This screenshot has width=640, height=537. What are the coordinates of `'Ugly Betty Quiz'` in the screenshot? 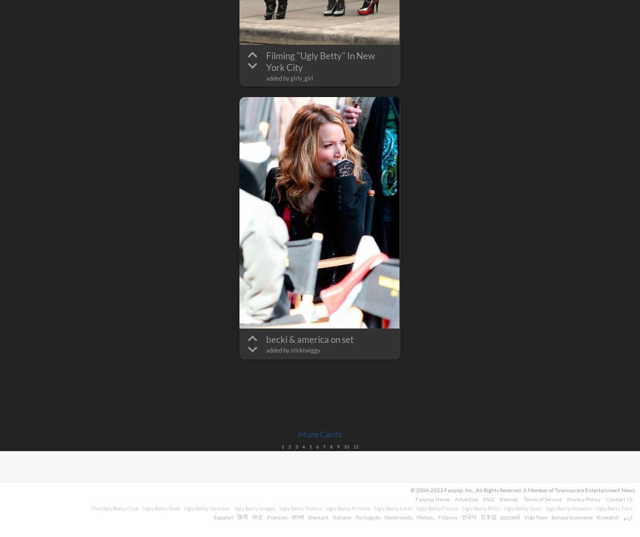 It's located at (523, 508).